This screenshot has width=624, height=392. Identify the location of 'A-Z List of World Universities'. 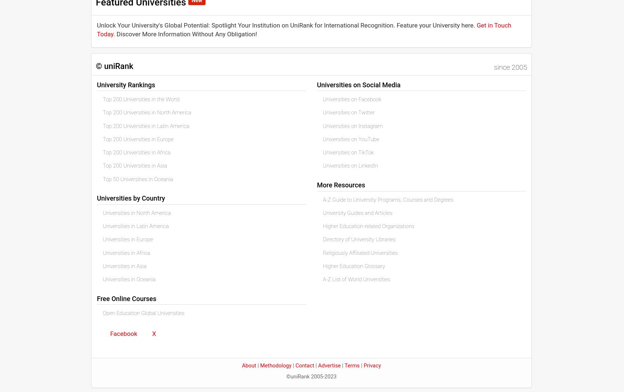
(356, 279).